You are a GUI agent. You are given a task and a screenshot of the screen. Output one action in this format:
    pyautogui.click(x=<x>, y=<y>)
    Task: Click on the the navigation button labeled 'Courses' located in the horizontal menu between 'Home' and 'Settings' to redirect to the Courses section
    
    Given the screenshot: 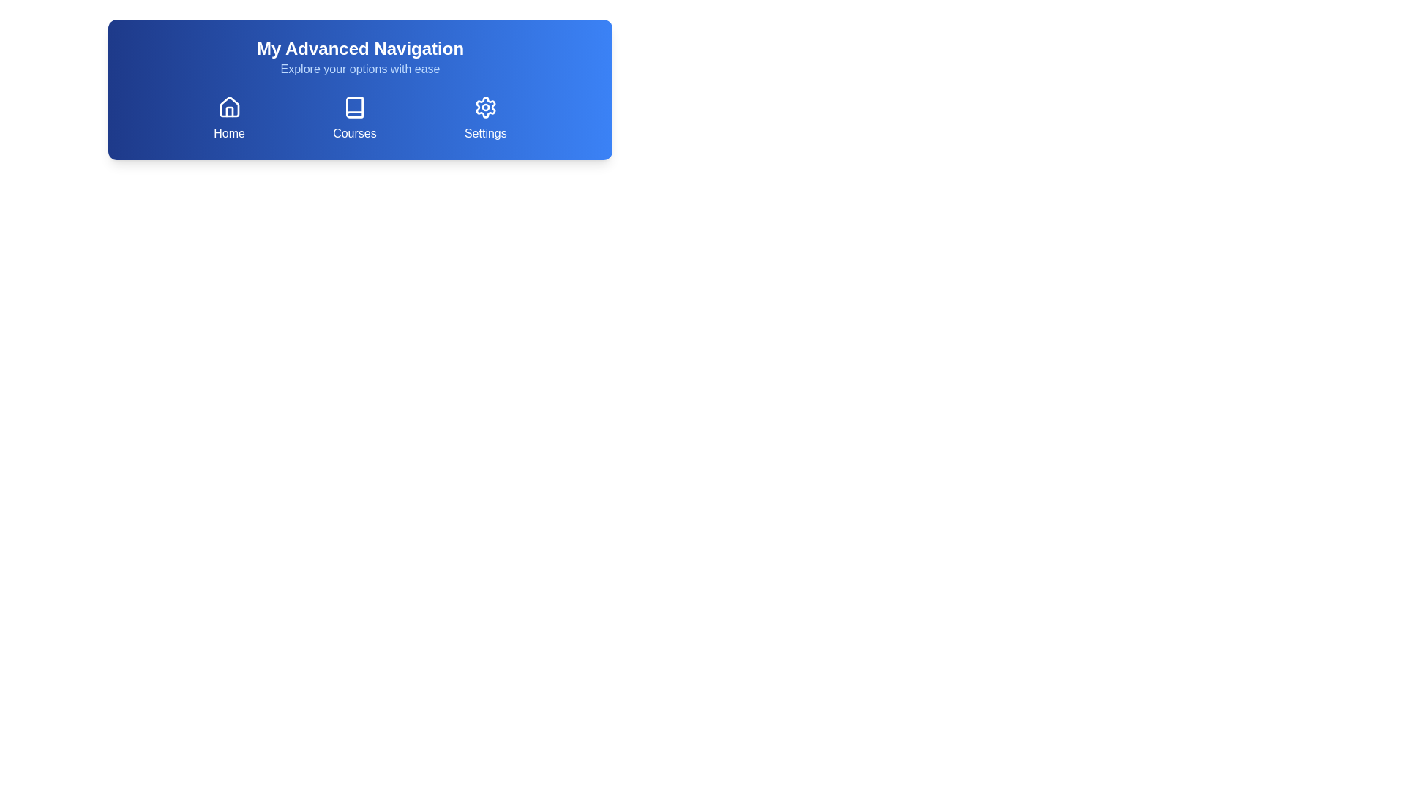 What is the action you would take?
    pyautogui.click(x=354, y=118)
    